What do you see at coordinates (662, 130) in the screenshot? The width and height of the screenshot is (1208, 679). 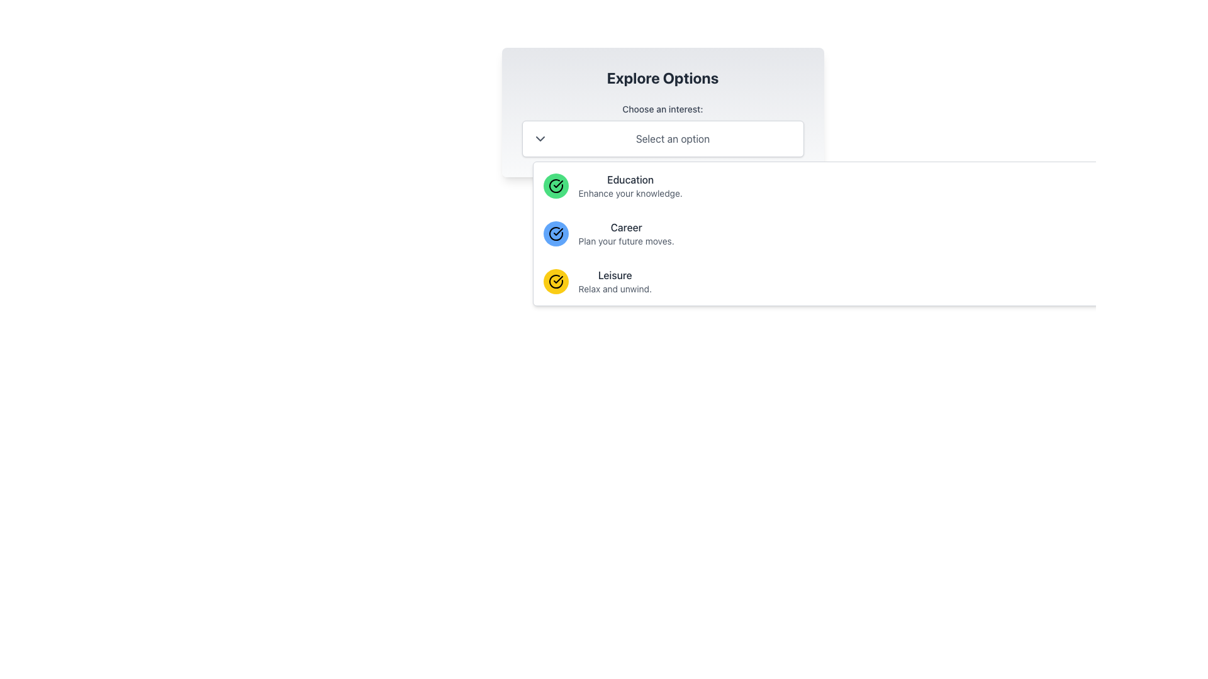 I see `the Dropdown menu located below the 'Explore Options' header` at bounding box center [662, 130].